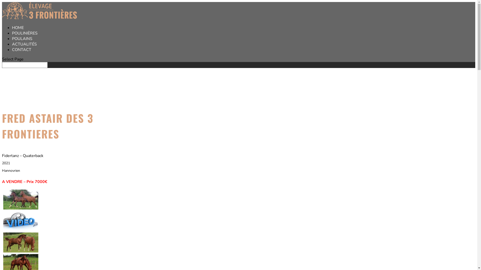 The image size is (481, 270). I want to click on 'CONTACT', so click(21, 50).